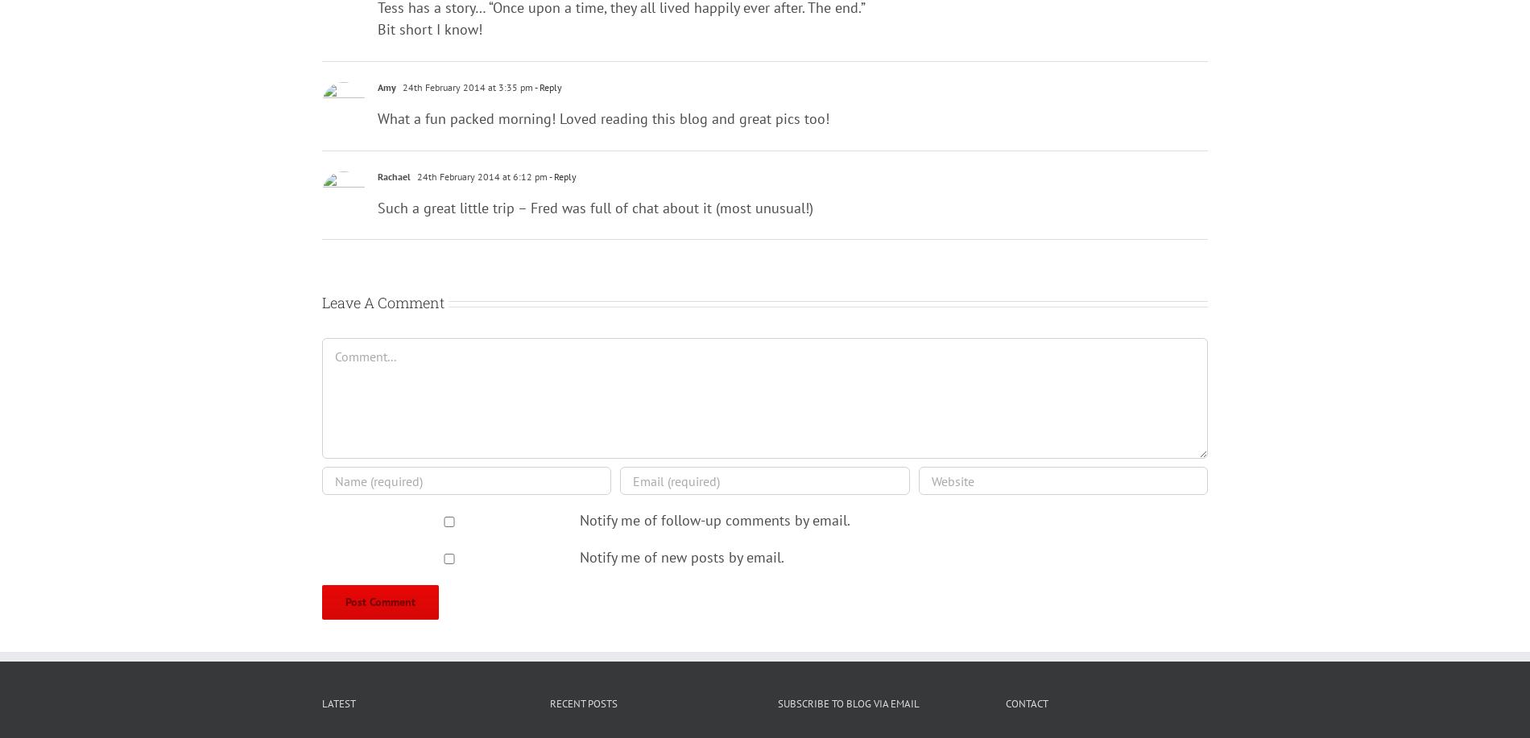  Describe the element at coordinates (1026, 702) in the screenshot. I see `'Contact'` at that location.